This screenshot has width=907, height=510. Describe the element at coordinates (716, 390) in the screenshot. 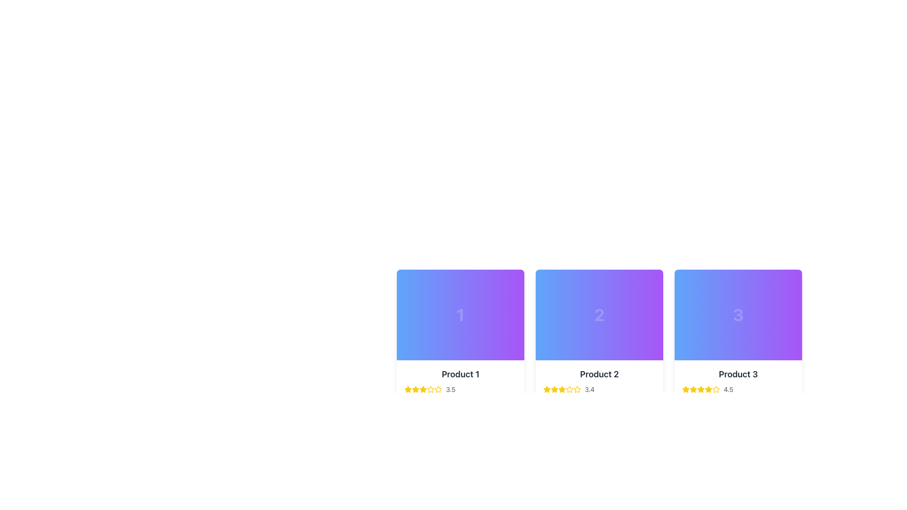

I see `visual representation of the fifth star in the rating system for 'Product 3', which is an SVG-based icon located beneath the product card` at that location.